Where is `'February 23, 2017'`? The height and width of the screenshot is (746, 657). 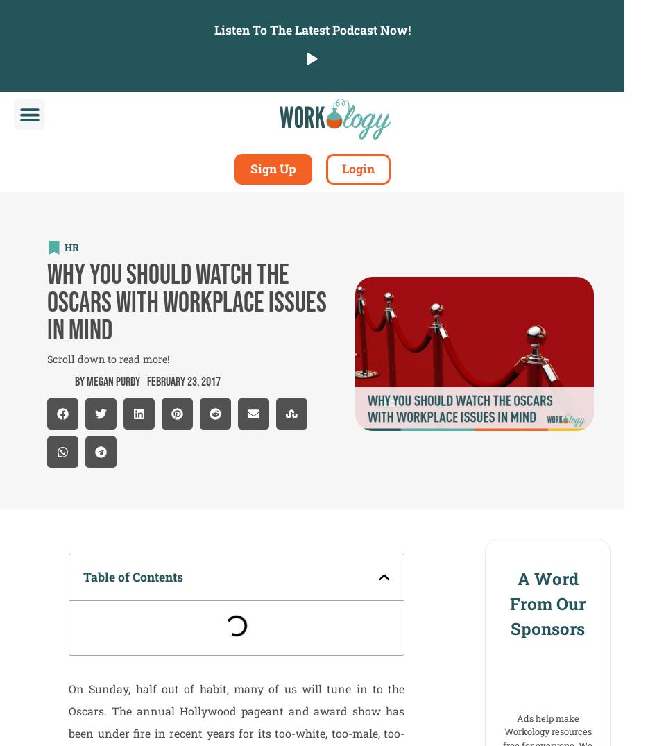 'February 23, 2017' is located at coordinates (183, 381).